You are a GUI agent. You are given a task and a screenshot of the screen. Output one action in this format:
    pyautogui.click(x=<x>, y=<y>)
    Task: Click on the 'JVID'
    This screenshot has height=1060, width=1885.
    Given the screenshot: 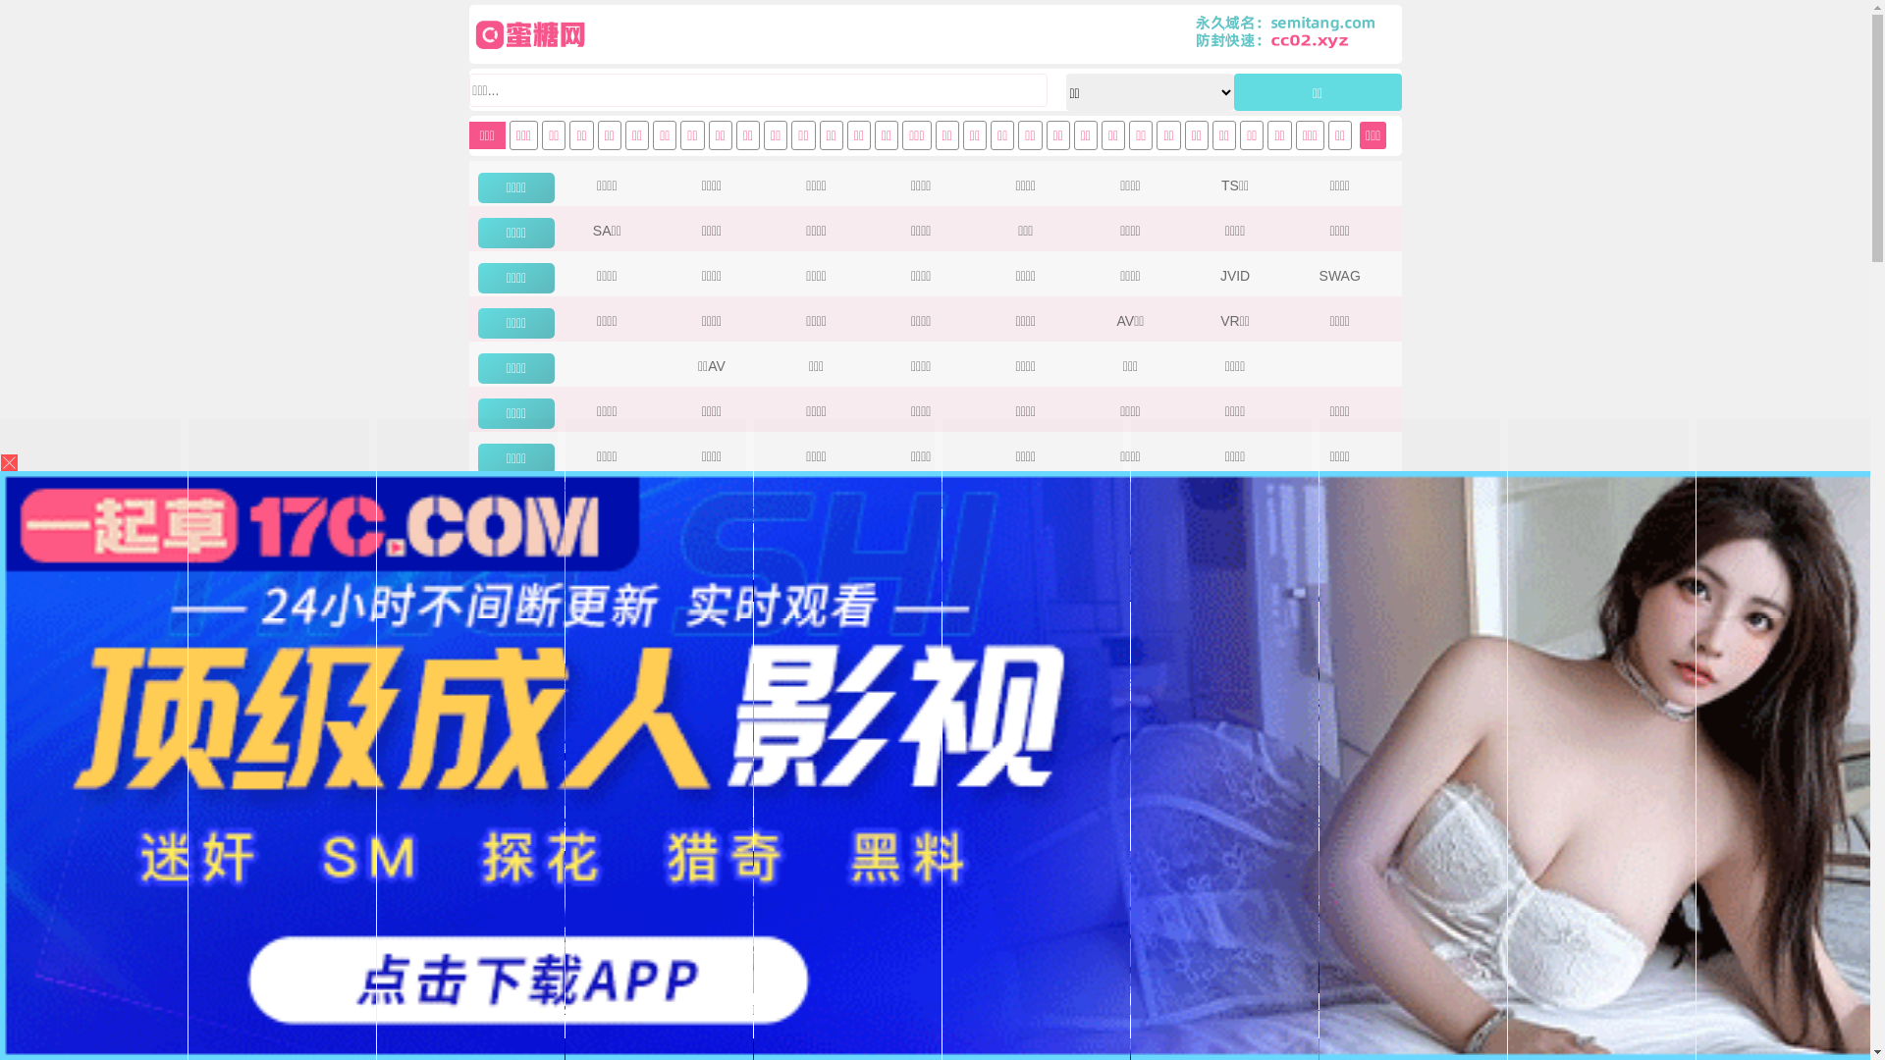 What is the action you would take?
    pyautogui.click(x=1233, y=276)
    